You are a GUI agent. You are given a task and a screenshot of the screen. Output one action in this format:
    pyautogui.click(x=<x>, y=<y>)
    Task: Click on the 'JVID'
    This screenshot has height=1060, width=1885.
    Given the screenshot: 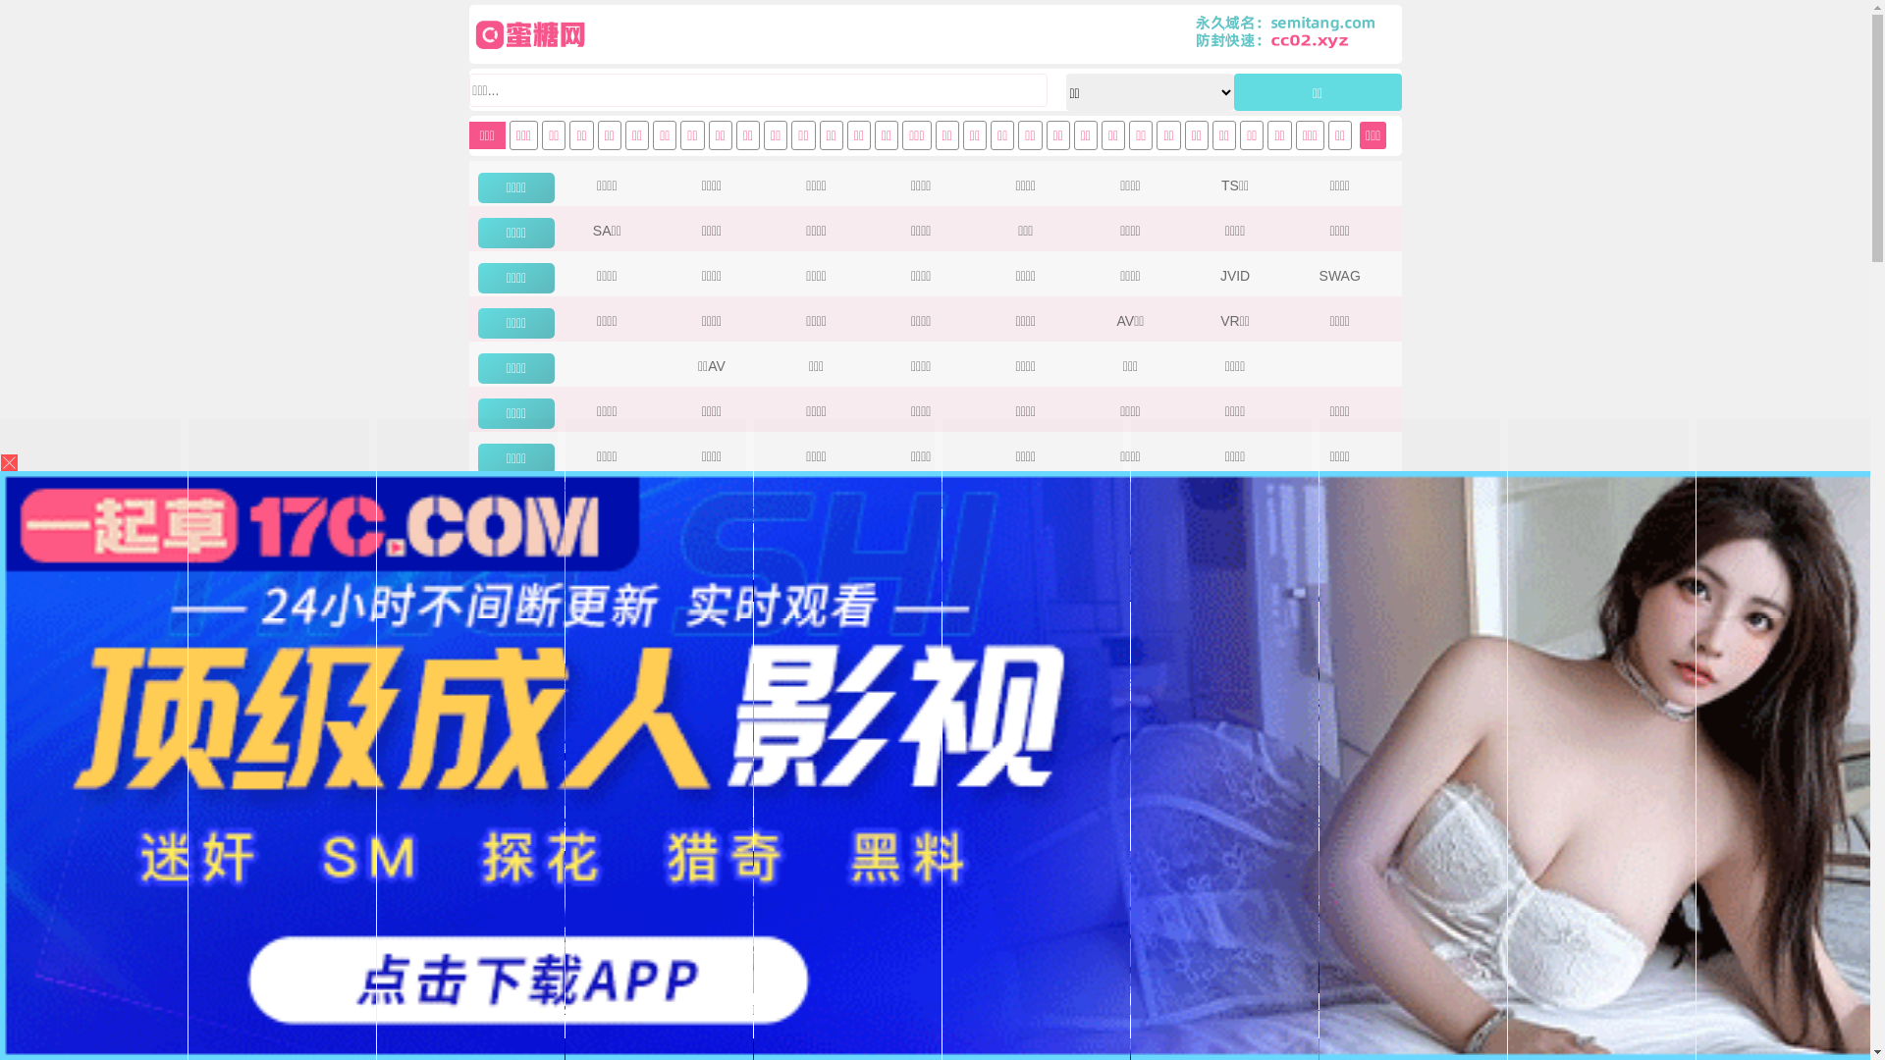 What is the action you would take?
    pyautogui.click(x=1233, y=276)
    